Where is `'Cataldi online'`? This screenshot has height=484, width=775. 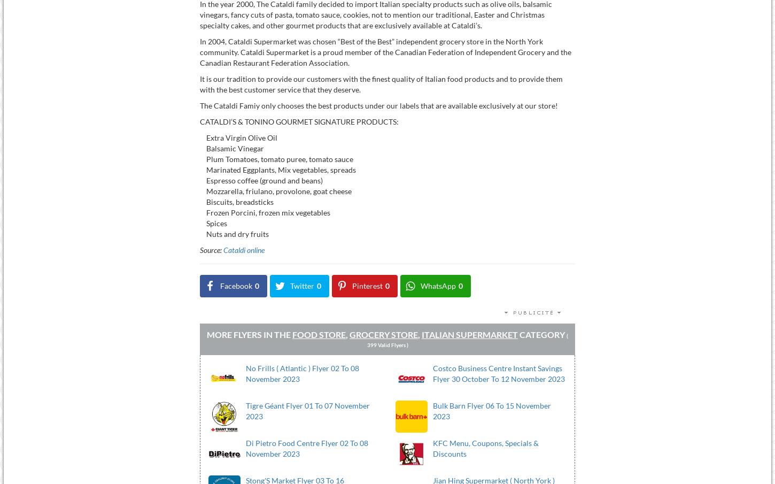
'Cataldi online' is located at coordinates (243, 249).